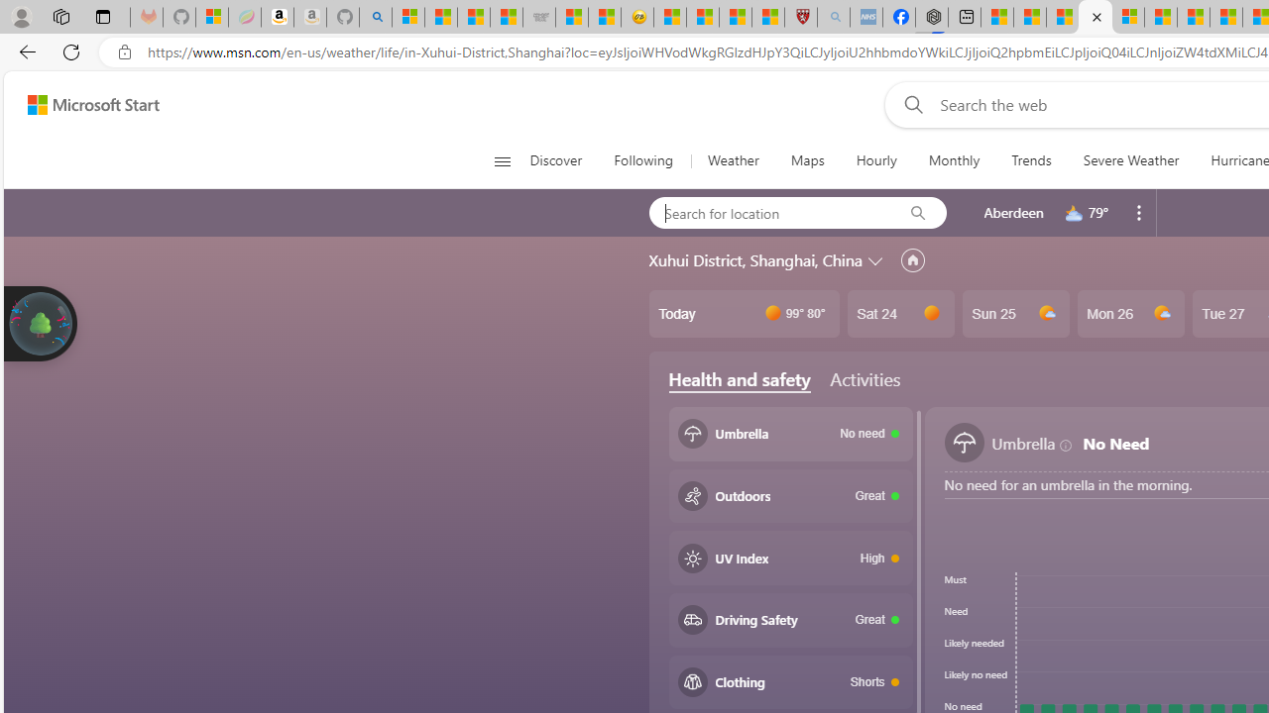 The width and height of the screenshot is (1269, 713). I want to click on 'Activities', so click(865, 379).